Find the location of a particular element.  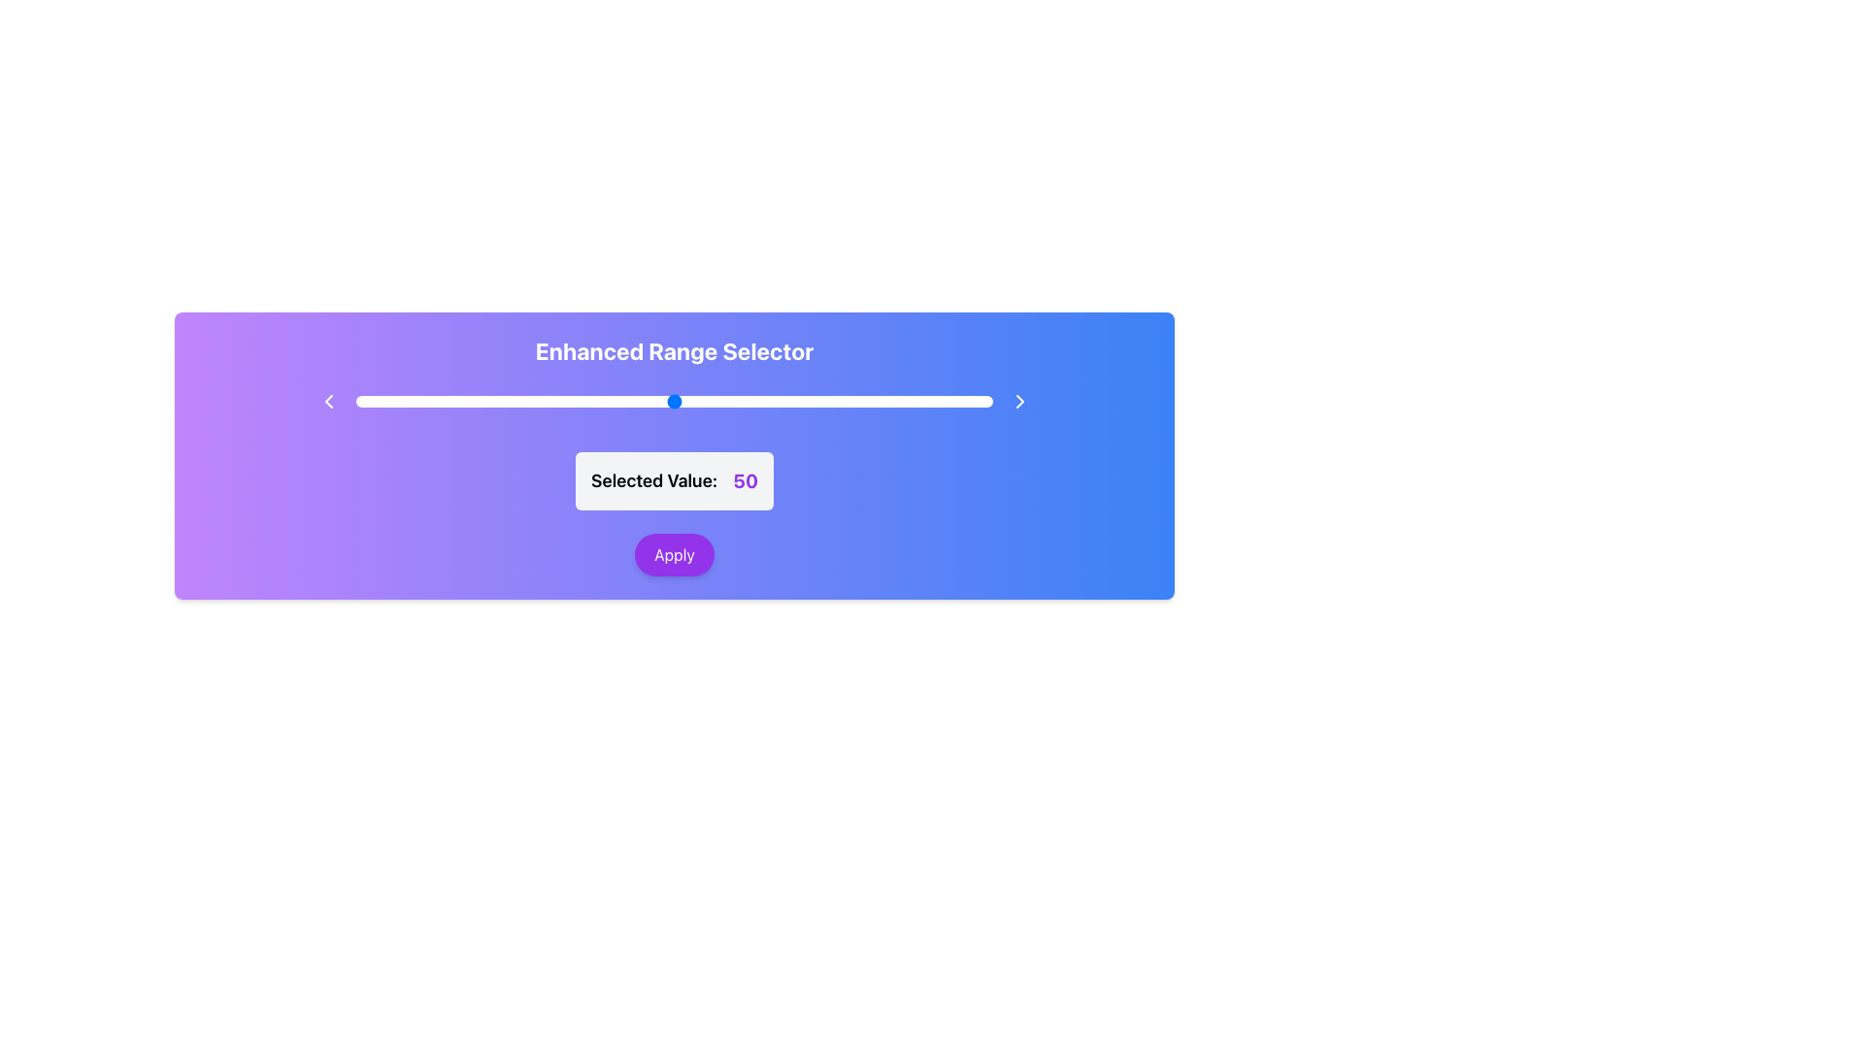

the left-pointing chevron icon, which is white on a purple background is located at coordinates (328, 400).